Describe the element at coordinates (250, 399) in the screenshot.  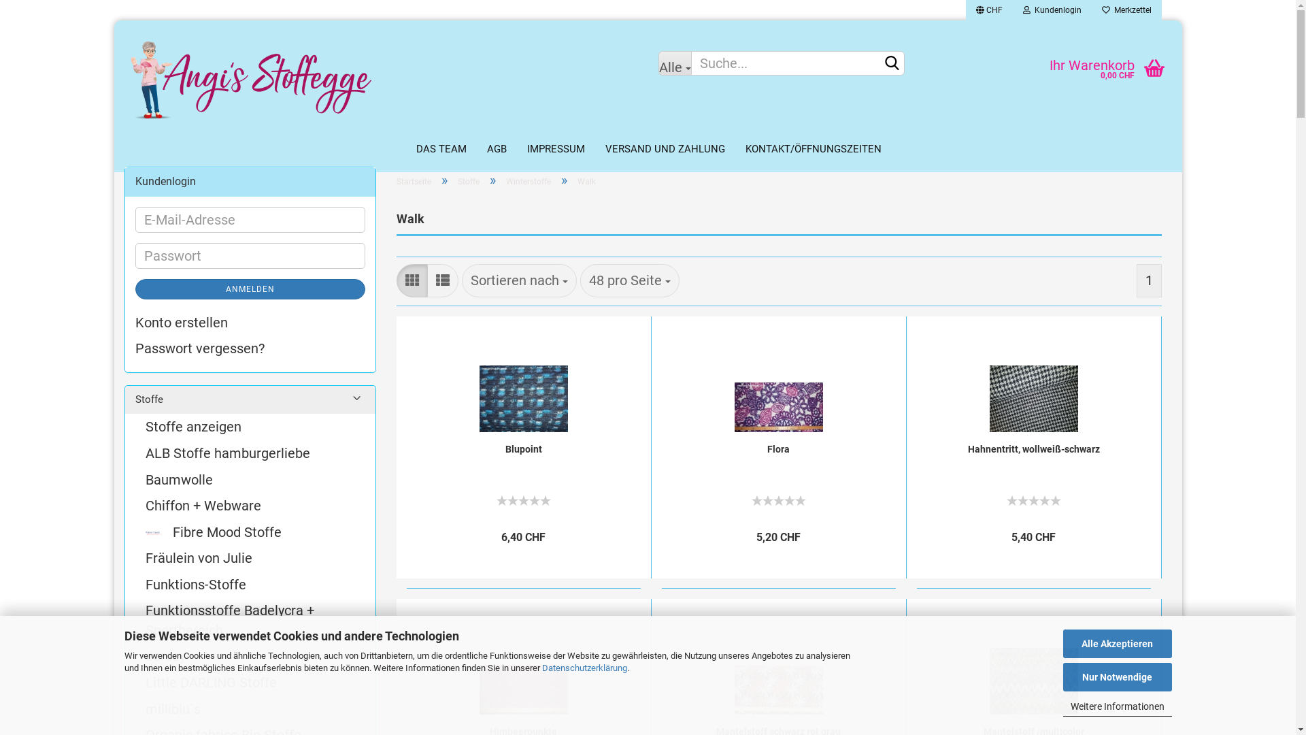
I see `'Stoffe'` at that location.